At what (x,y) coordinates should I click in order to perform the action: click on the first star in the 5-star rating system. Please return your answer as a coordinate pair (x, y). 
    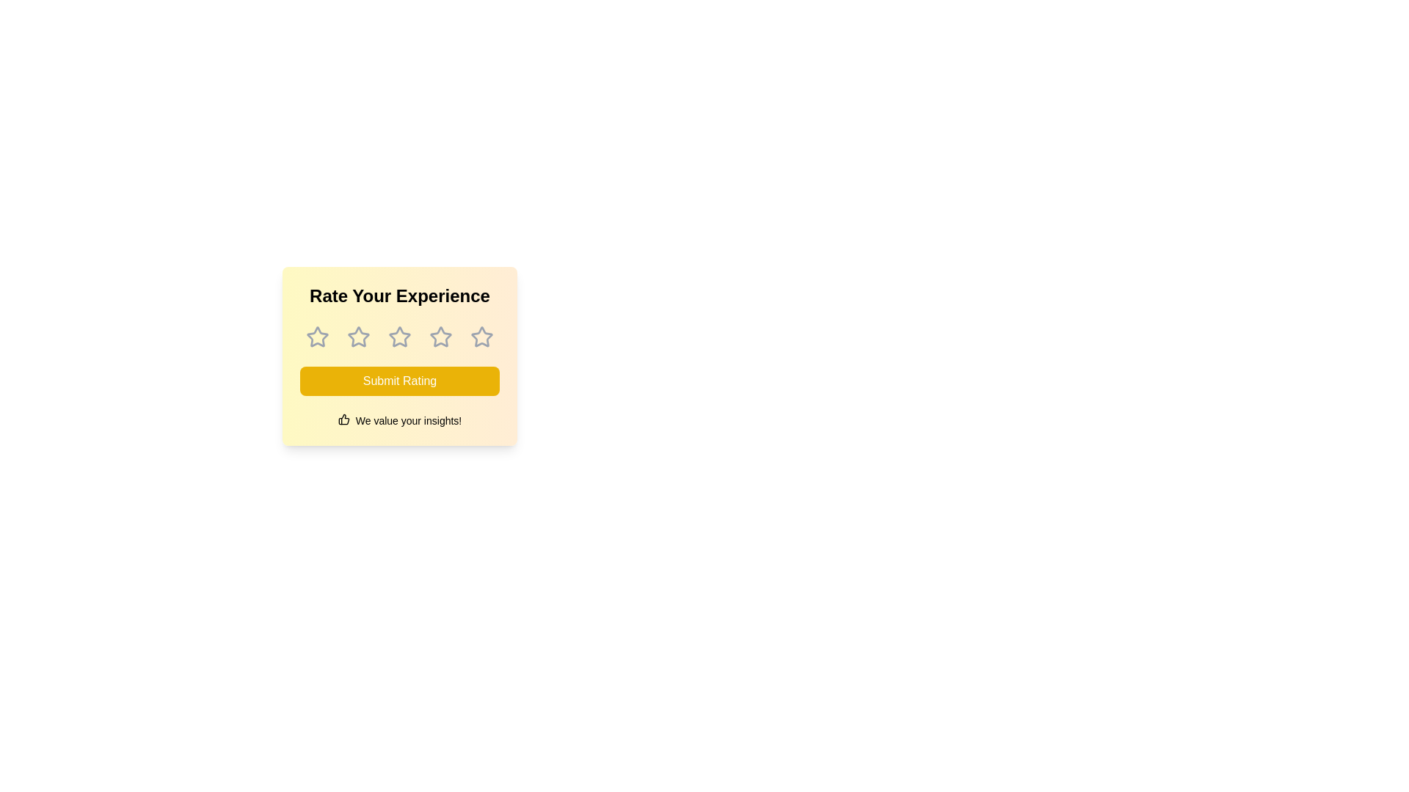
    Looking at the image, I should click on (316, 337).